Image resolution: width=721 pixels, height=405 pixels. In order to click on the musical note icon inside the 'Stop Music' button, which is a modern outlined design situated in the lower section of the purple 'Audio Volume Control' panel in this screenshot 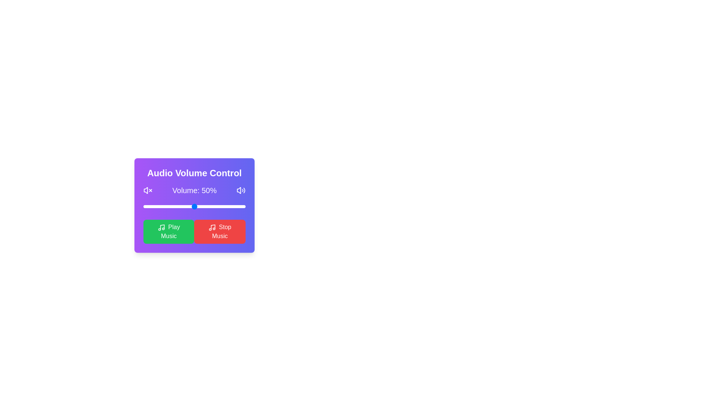, I will do `click(212, 227)`.